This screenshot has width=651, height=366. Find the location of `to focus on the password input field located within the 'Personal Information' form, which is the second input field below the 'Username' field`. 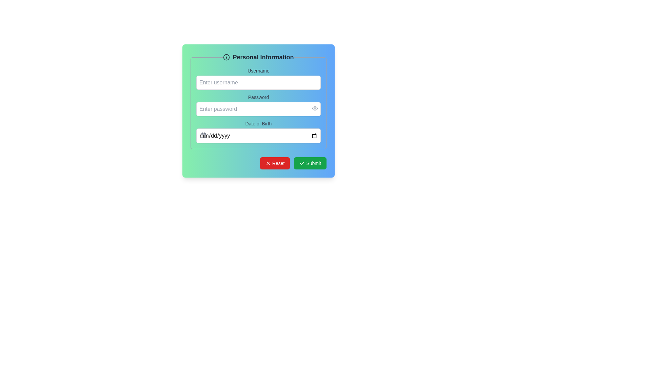

to focus on the password input field located within the 'Personal Information' form, which is the second input field below the 'Username' field is located at coordinates (258, 108).